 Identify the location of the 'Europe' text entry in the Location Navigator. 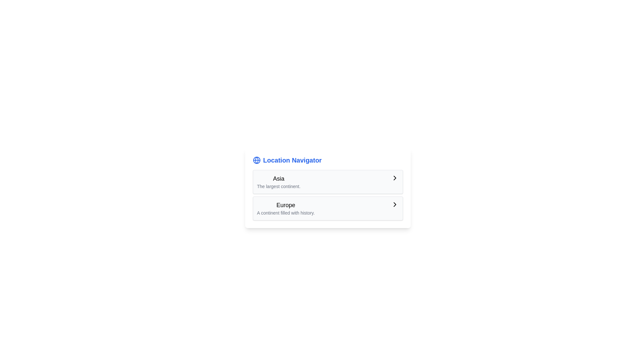
(285, 208).